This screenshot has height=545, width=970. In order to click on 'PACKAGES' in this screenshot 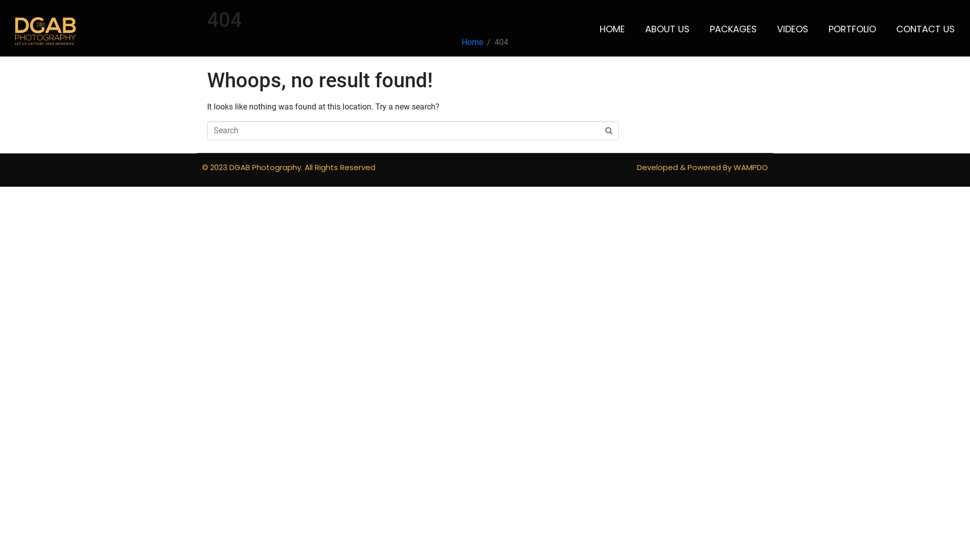, I will do `click(733, 28)`.